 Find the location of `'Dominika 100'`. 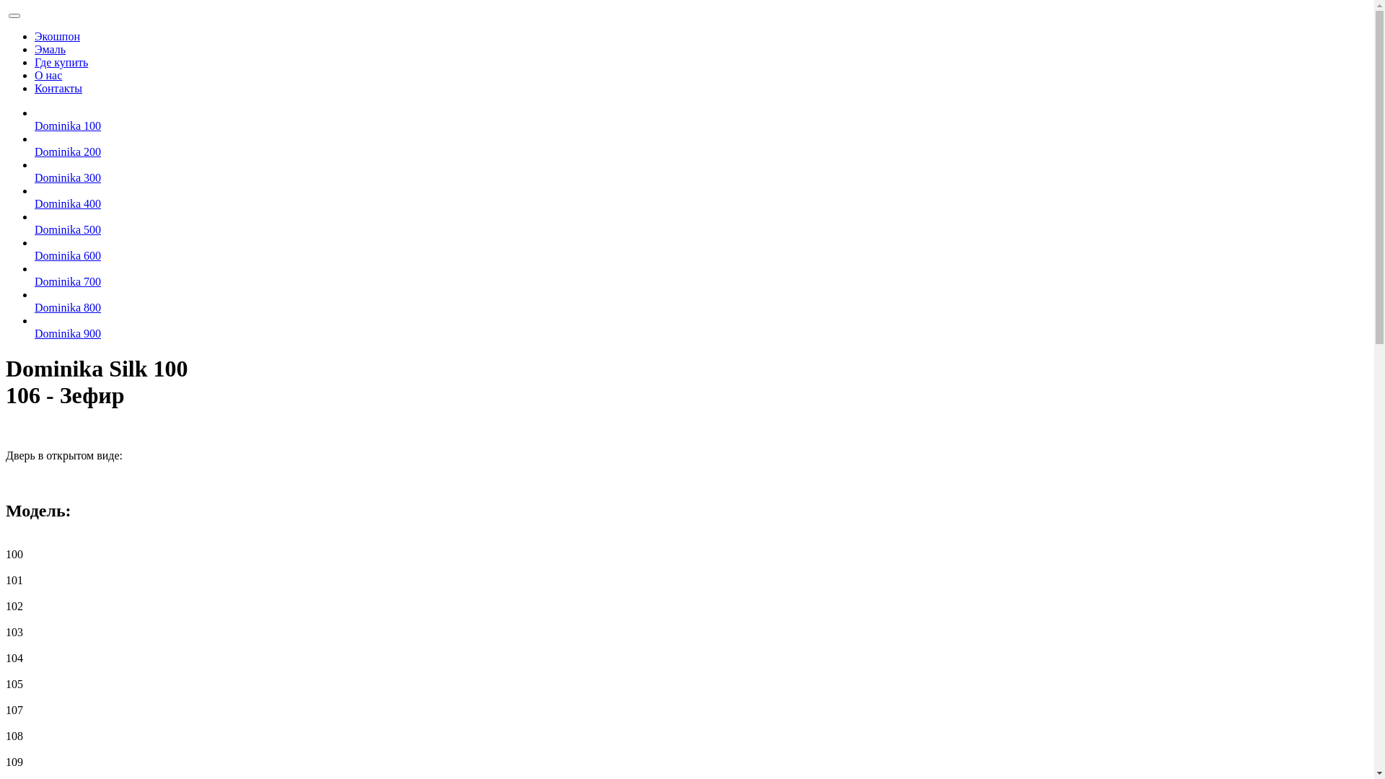

'Dominika 100' is located at coordinates (67, 125).